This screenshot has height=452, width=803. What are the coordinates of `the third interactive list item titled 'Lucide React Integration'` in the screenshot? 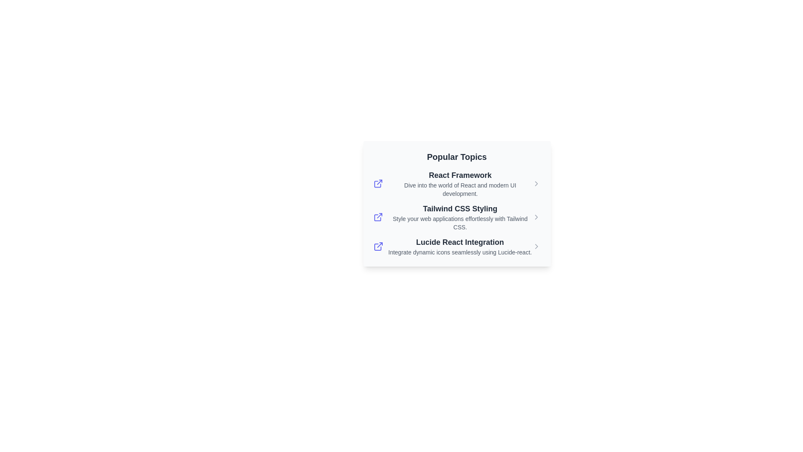 It's located at (456, 246).